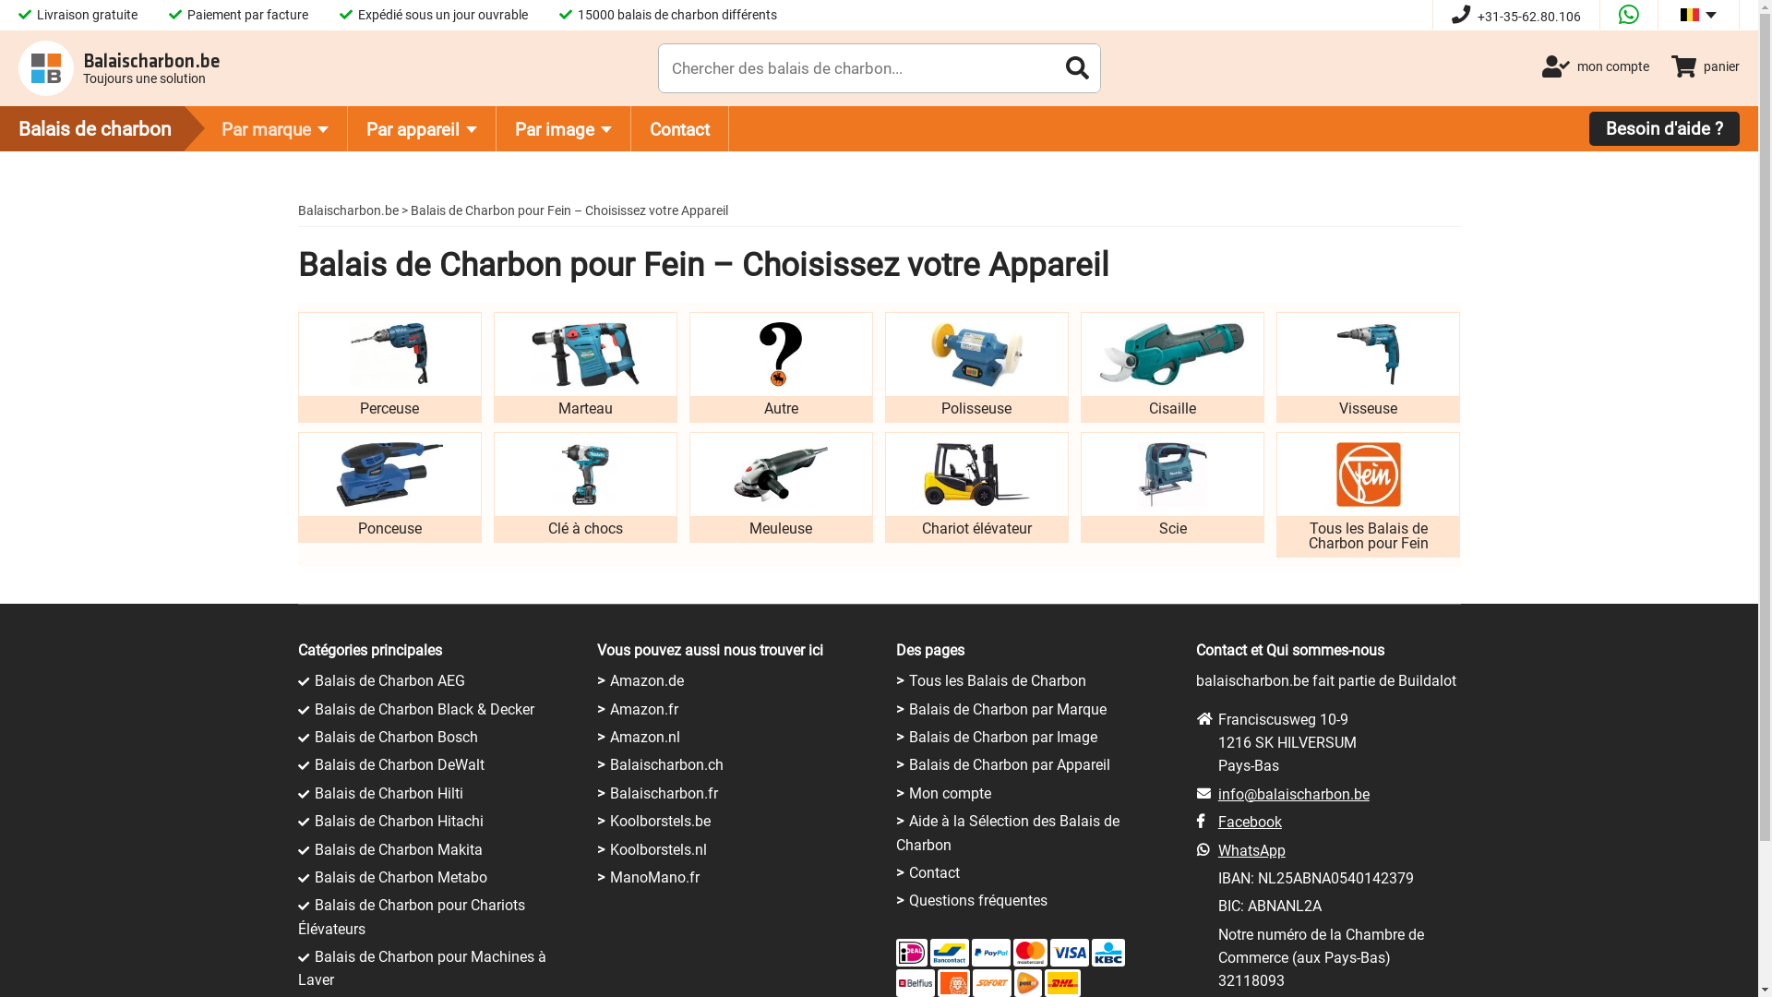  I want to click on 'Koolborstels.be', so click(660, 820).